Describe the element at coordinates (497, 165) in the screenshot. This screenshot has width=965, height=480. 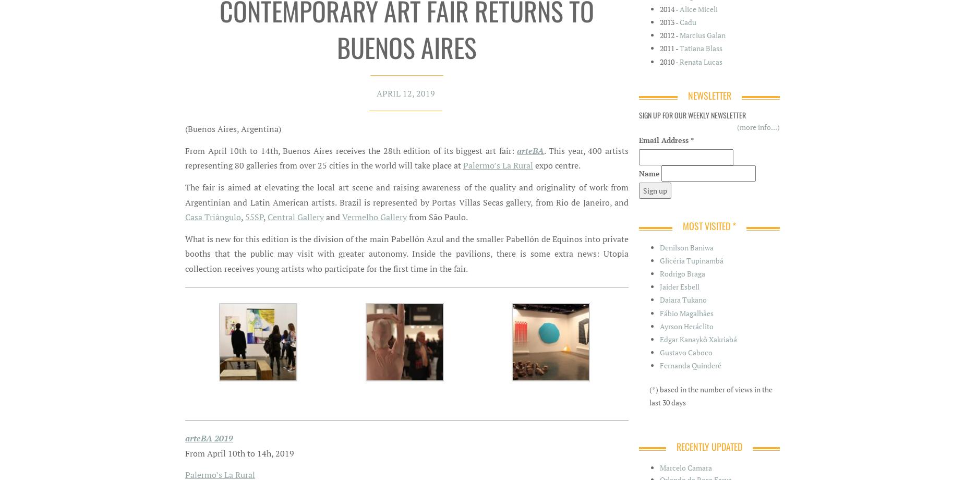
I see `'Palermo’s La Rural'` at that location.